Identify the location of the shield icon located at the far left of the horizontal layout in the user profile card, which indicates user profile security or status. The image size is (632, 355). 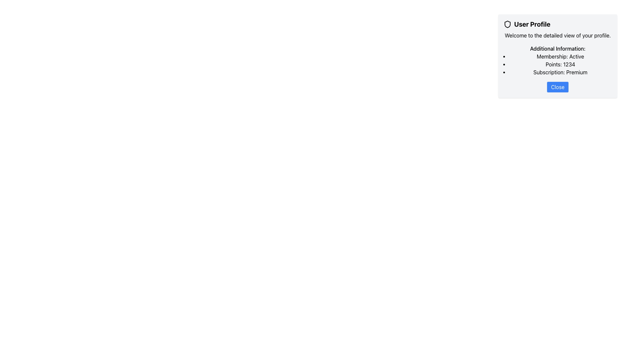
(507, 24).